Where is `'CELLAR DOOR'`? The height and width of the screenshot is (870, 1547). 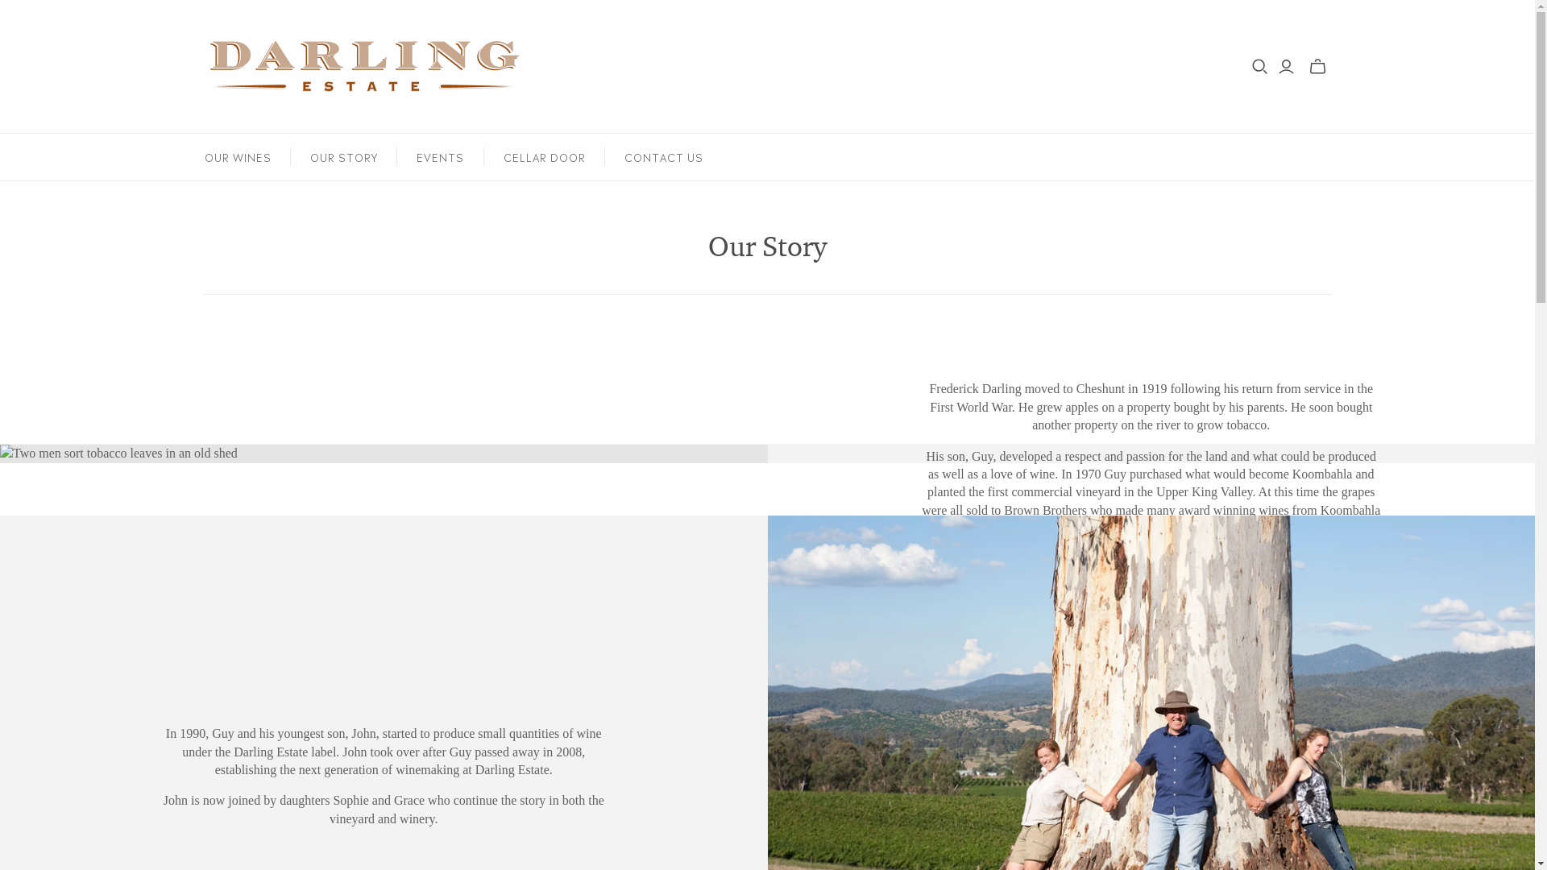 'CELLAR DOOR' is located at coordinates (544, 157).